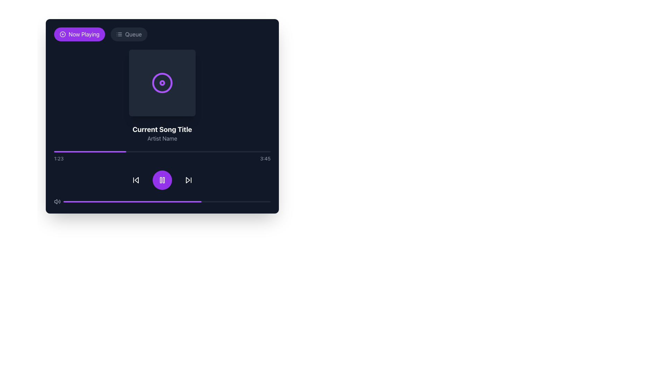  What do you see at coordinates (162, 130) in the screenshot?
I see `title of the currently playing song displayed in the text label, which is horizontally centered in the music player interface above the artist name subtitle` at bounding box center [162, 130].